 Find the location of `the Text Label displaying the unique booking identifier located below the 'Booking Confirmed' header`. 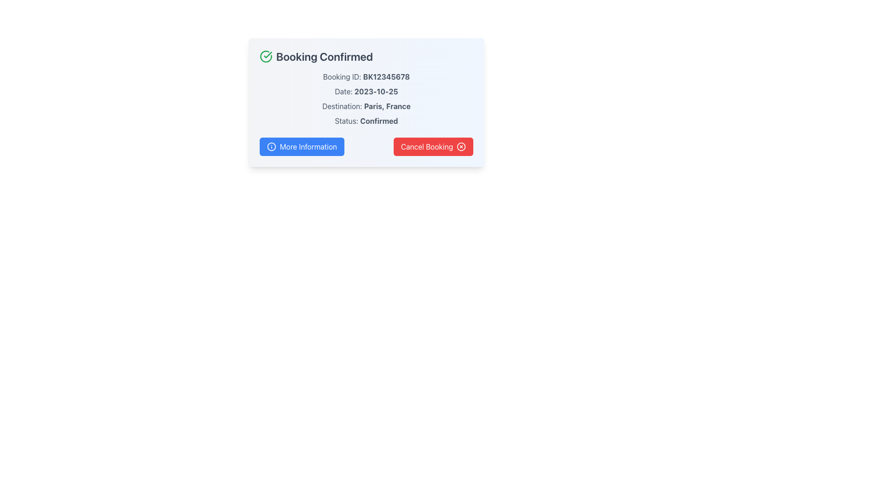

the Text Label displaying the unique booking identifier located below the 'Booking Confirmed' header is located at coordinates (386, 76).